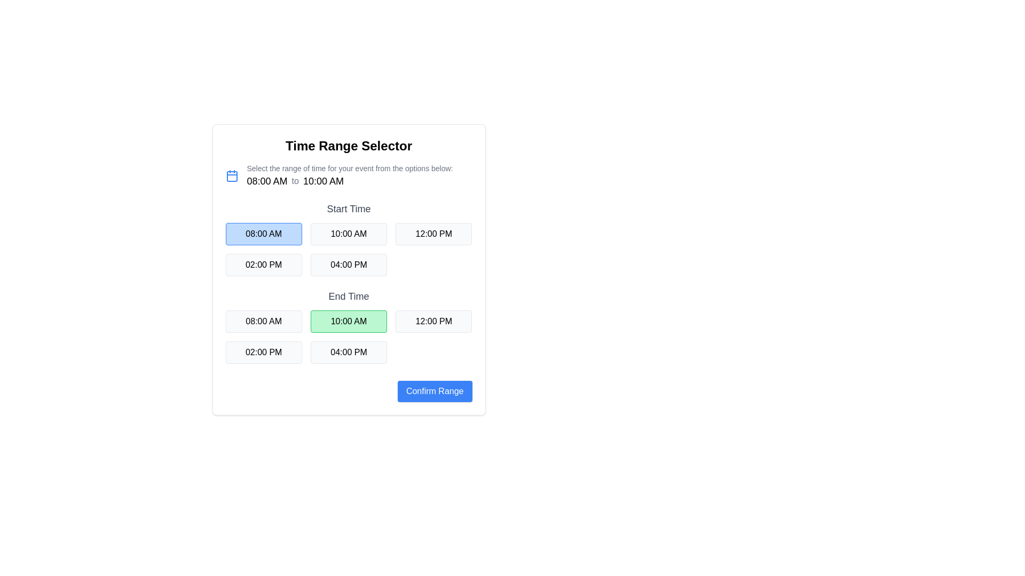 The height and width of the screenshot is (576, 1025). I want to click on the informational static text that instructs users to select a range of time, located below 'Time Range Selector' and above the time-selection fields, so click(350, 168).